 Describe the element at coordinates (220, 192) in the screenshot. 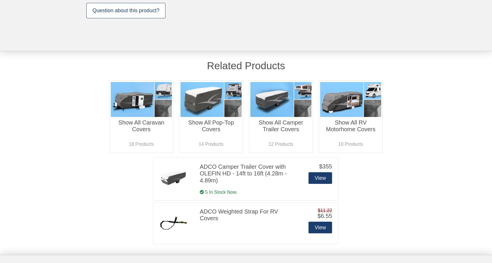

I see `'5 In Stock Now.'` at that location.